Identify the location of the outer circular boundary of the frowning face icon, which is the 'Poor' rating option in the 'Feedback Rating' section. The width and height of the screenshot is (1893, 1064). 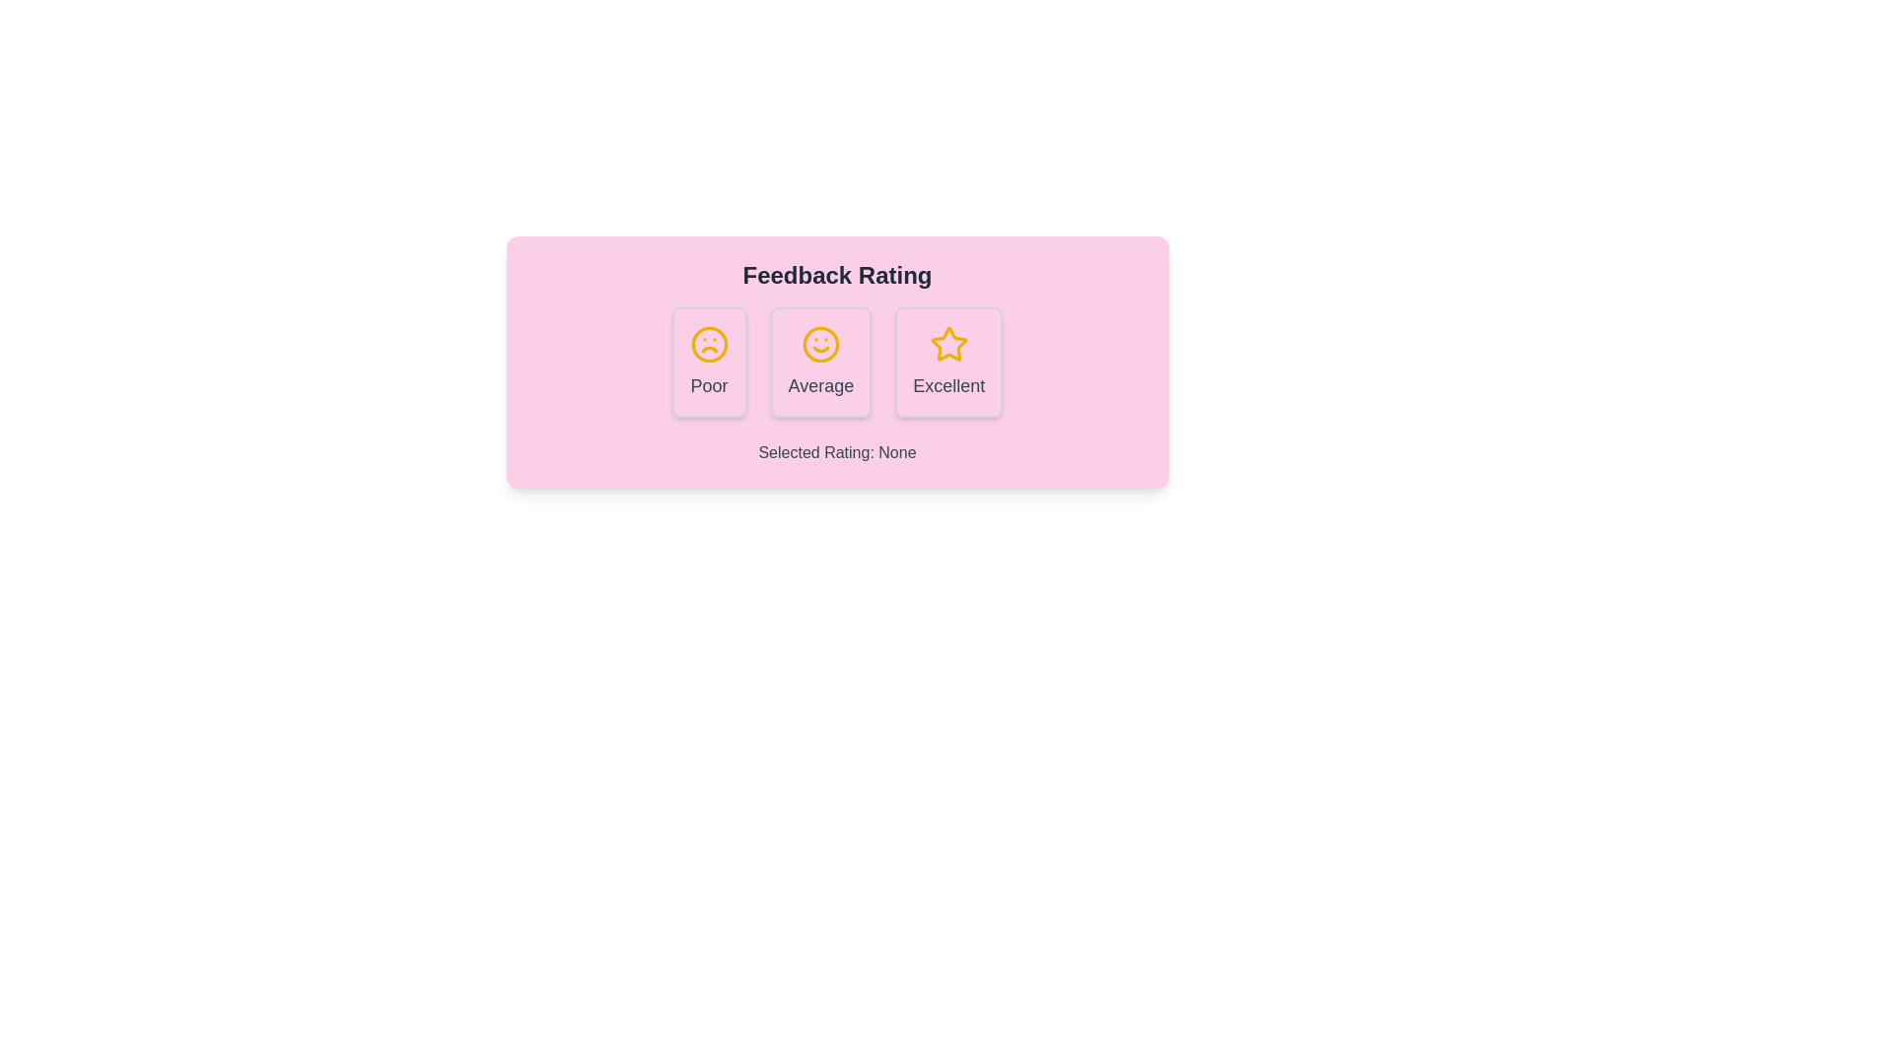
(709, 344).